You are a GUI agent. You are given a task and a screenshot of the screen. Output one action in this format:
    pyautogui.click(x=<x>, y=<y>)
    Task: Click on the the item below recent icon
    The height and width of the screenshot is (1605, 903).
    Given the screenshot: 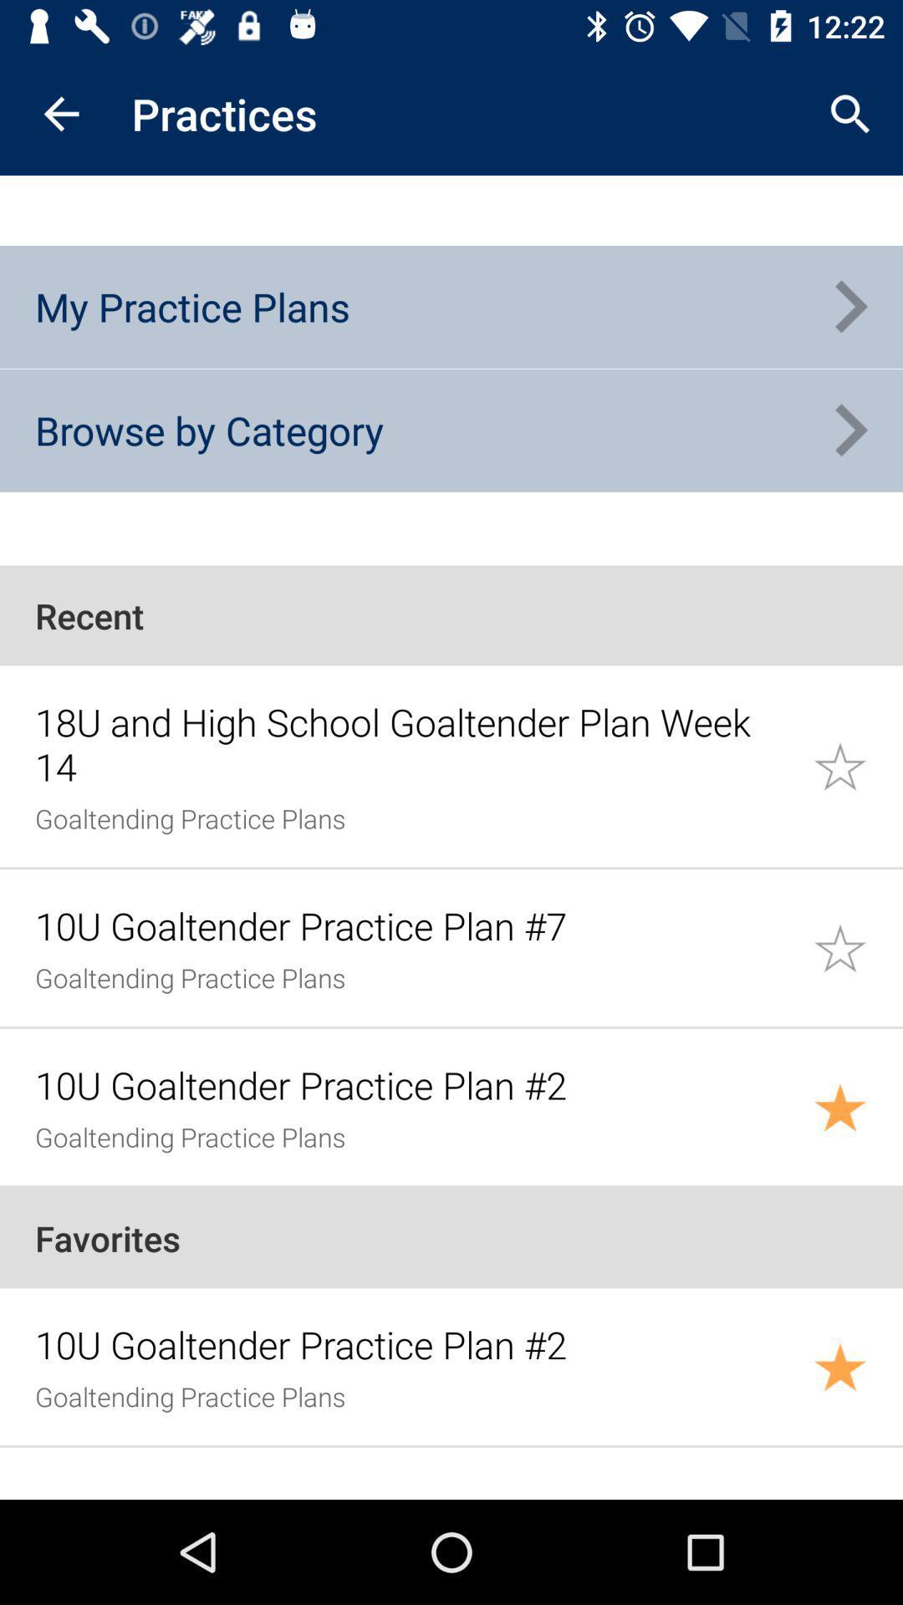 What is the action you would take?
    pyautogui.click(x=414, y=743)
    